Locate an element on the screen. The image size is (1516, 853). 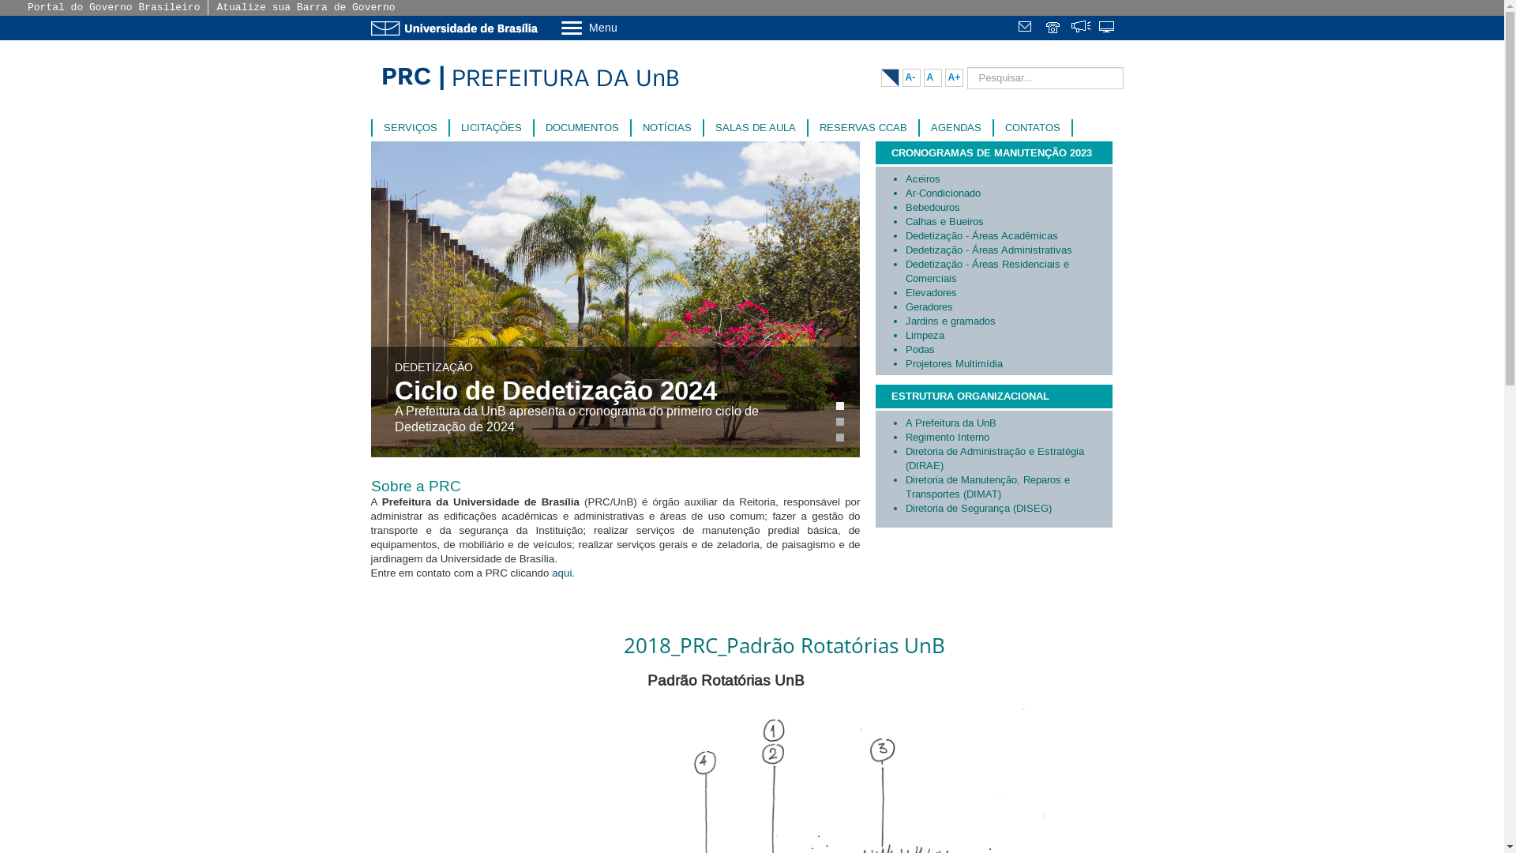
'Portal do Governo Brasileiro' is located at coordinates (27, 7).